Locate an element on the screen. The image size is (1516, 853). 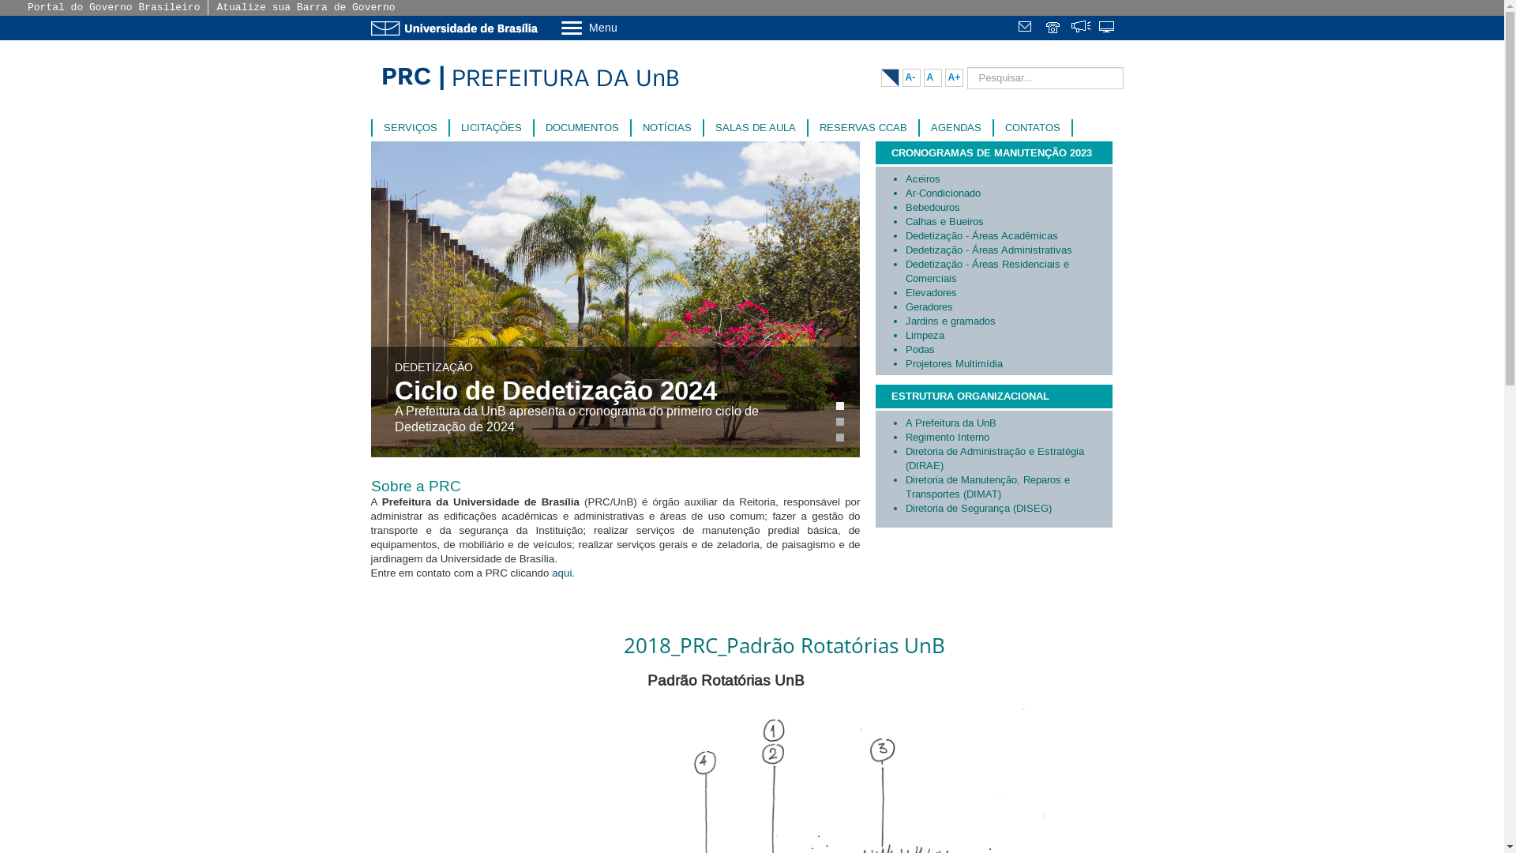
'Portal do Governo Brasileiro' is located at coordinates (27, 7).